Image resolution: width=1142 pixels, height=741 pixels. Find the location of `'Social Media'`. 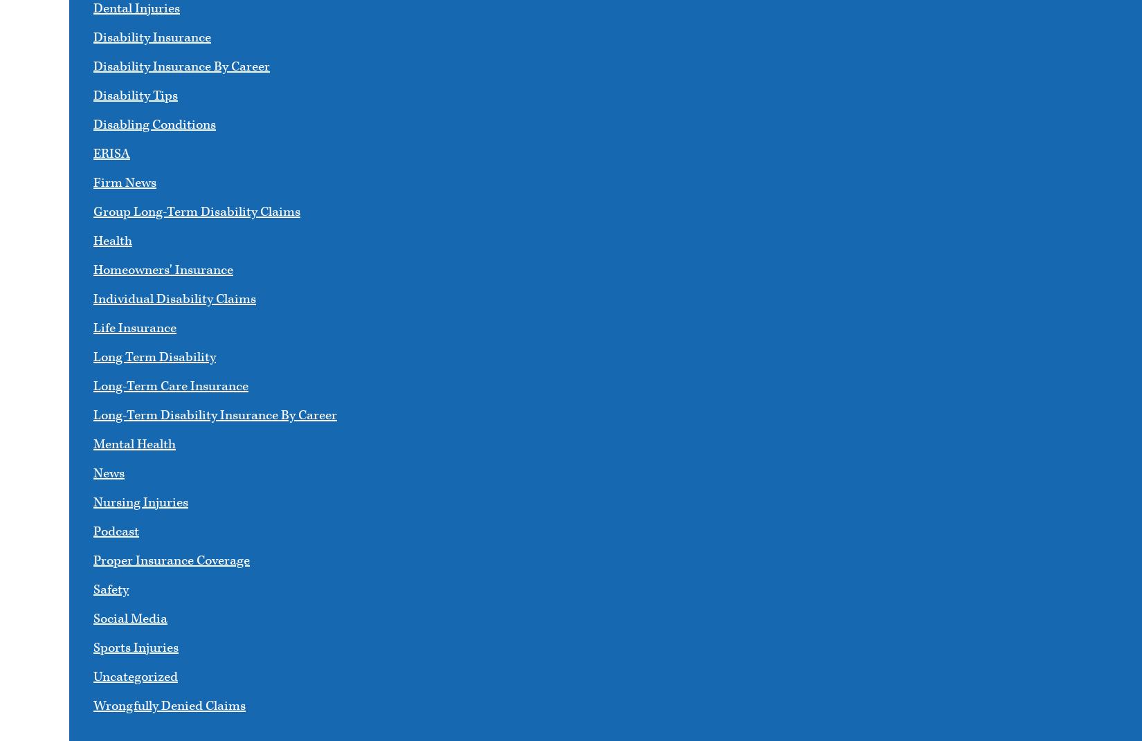

'Social Media' is located at coordinates (130, 619).